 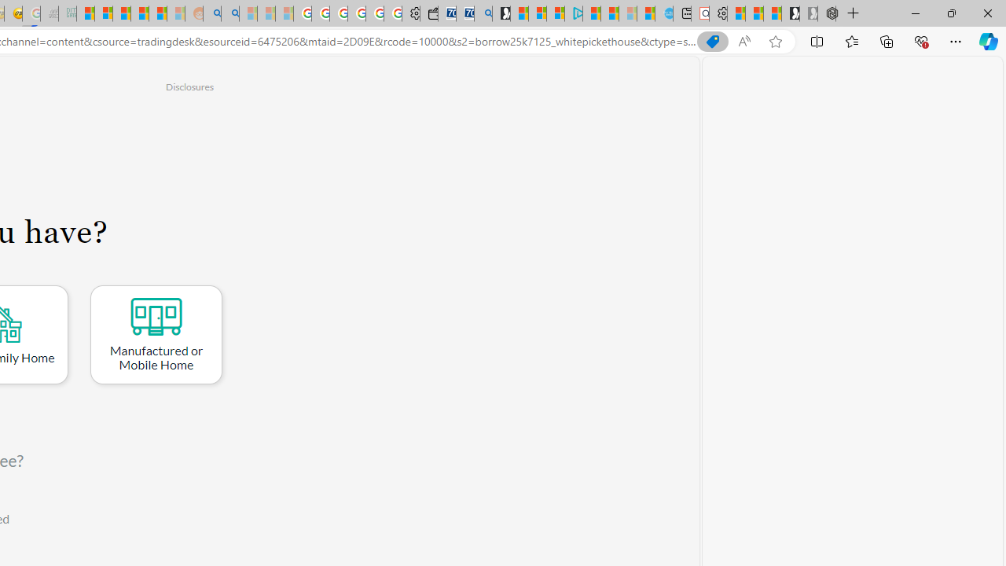 What do you see at coordinates (483, 13) in the screenshot?
I see `'Bing Real Estate - Home sales and rental listings'` at bounding box center [483, 13].